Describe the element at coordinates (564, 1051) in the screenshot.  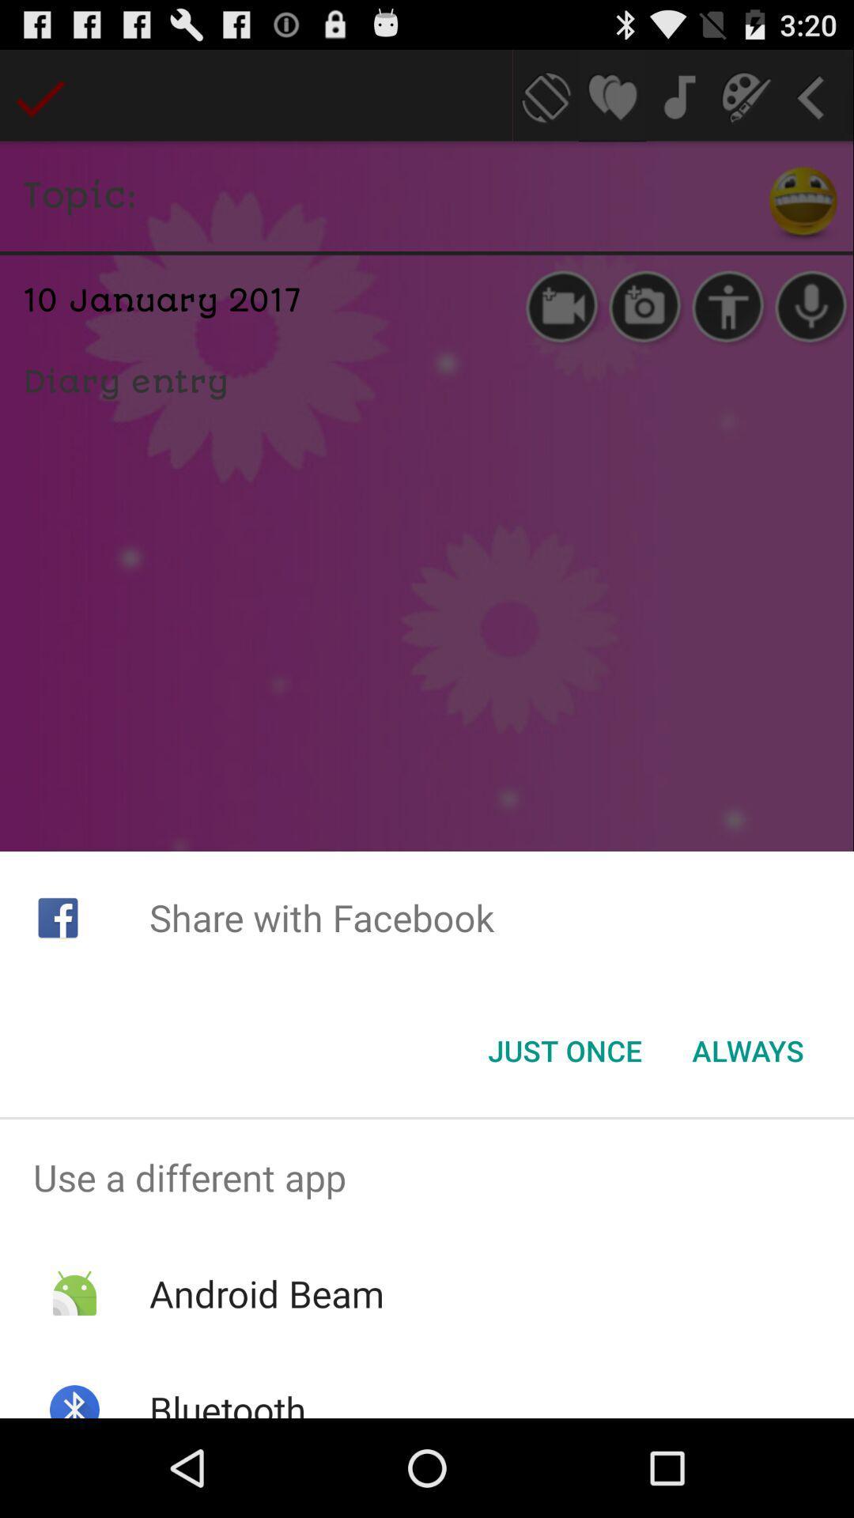
I see `the item to the left of always button` at that location.